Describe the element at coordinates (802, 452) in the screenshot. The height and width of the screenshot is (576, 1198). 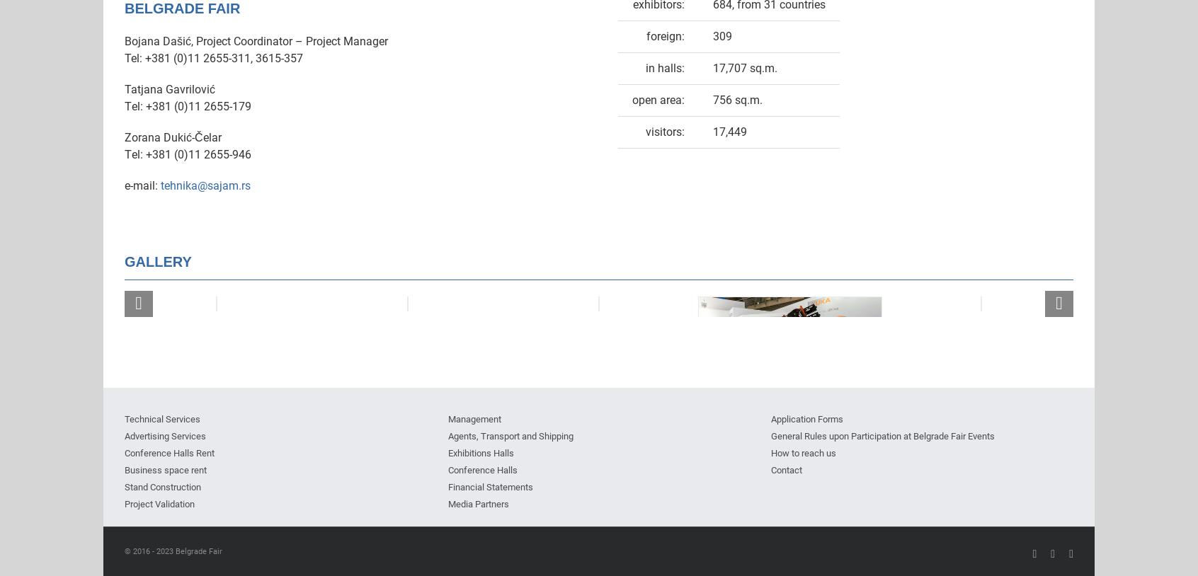
I see `'How to reach us'` at that location.